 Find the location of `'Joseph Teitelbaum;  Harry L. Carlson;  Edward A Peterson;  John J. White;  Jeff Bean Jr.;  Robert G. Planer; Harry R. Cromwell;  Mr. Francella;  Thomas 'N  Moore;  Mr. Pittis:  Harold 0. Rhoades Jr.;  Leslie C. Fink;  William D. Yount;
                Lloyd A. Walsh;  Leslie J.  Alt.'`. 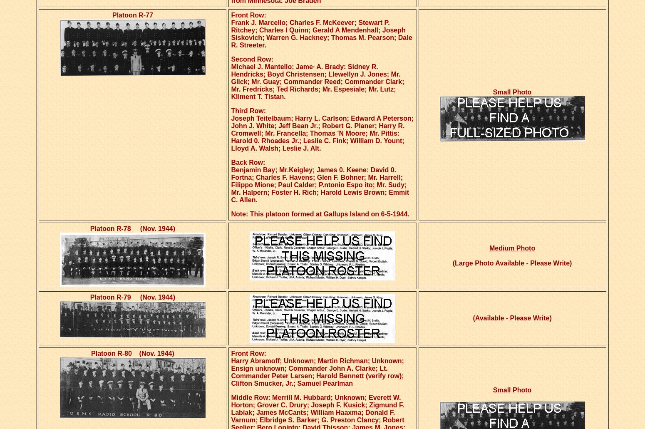

'Joseph Teitelbaum;  Harry L. Carlson;  Edward A Peterson;  John J. White;  Jeff Bean Jr.;  Robert G. Planer; Harry R. Cromwell;  Mr. Francella;  Thomas 'N  Moore;  Mr. Pittis:  Harold 0. Rhoades Jr.;  Leslie C. Fink;  William D. Yount;
                Lloyd A. Walsh;  Leslie J.  Alt.' is located at coordinates (322, 133).